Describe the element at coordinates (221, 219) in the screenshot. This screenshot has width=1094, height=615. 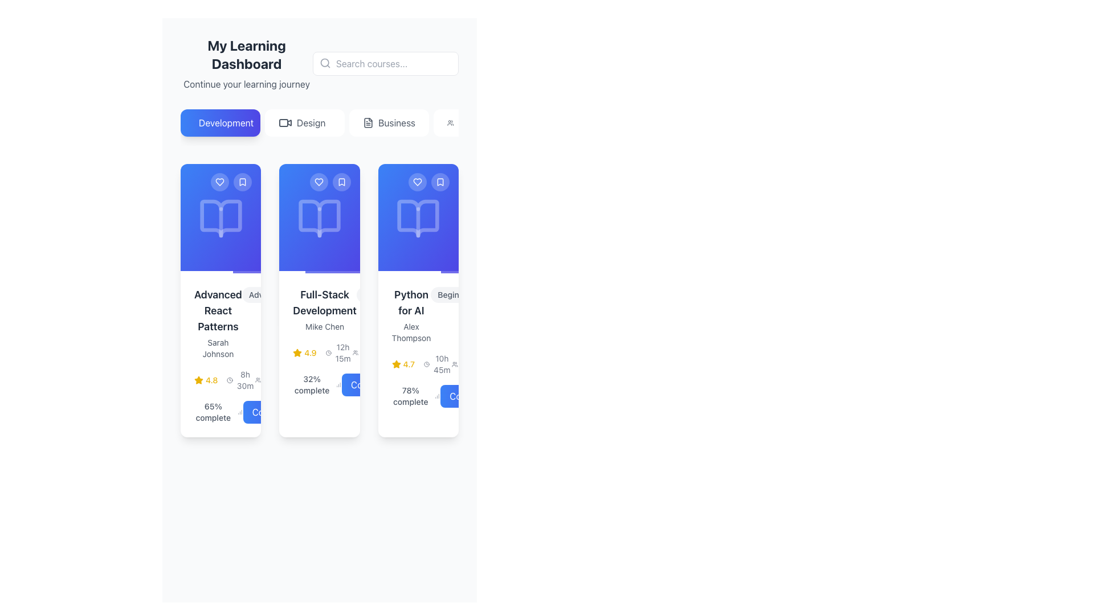
I see `the Decorative area with icon that features a gradient background transitioning from blue to indigo and contains a light-colored icon of an open book, located in the top section of the card layout under the 'Development' tab` at that location.